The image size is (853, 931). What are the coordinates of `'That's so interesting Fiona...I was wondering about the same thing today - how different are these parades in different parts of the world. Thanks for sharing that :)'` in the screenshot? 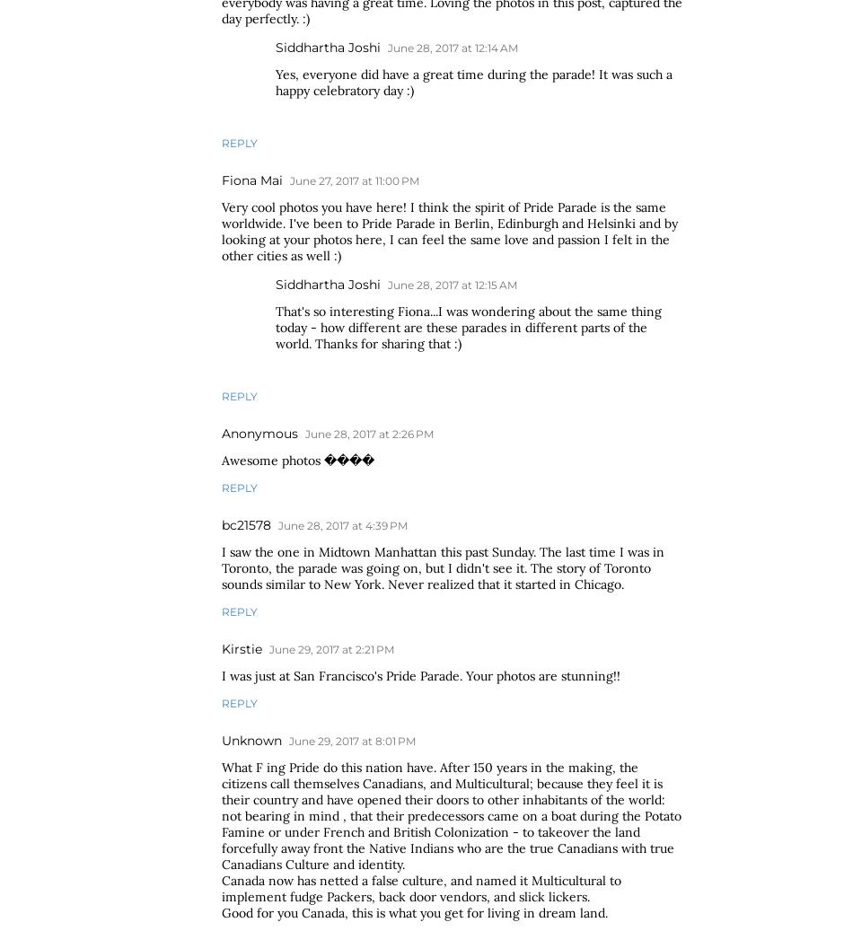 It's located at (469, 327).